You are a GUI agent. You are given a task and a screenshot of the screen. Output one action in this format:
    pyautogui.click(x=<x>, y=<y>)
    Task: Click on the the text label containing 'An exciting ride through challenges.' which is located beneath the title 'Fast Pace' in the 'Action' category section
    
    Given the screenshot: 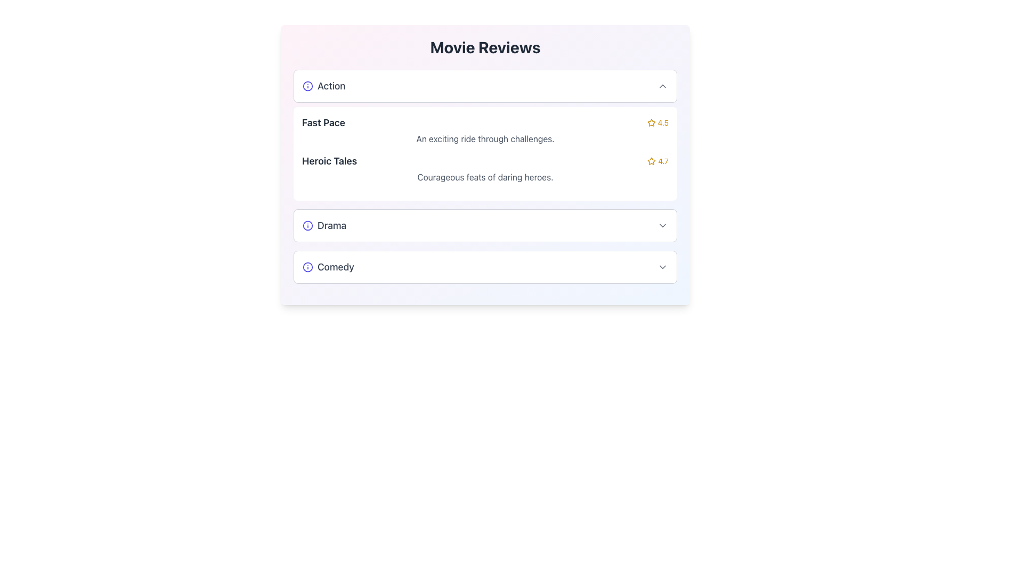 What is the action you would take?
    pyautogui.click(x=485, y=138)
    